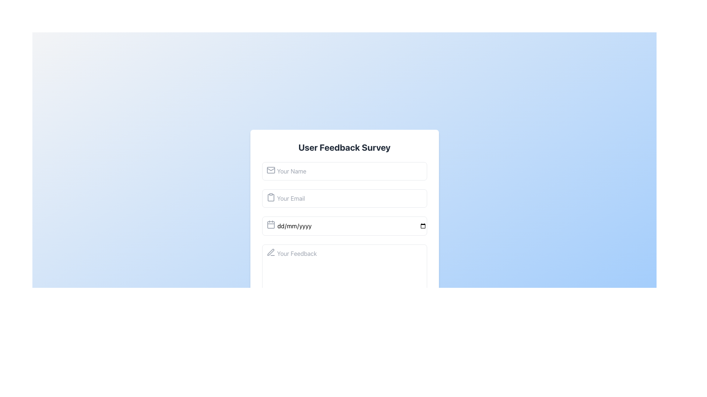 This screenshot has height=397, width=707. I want to click on the icon located at the left end of the text input field labeled 'Your Name', which serves as a visual aid for user input, so click(270, 170).